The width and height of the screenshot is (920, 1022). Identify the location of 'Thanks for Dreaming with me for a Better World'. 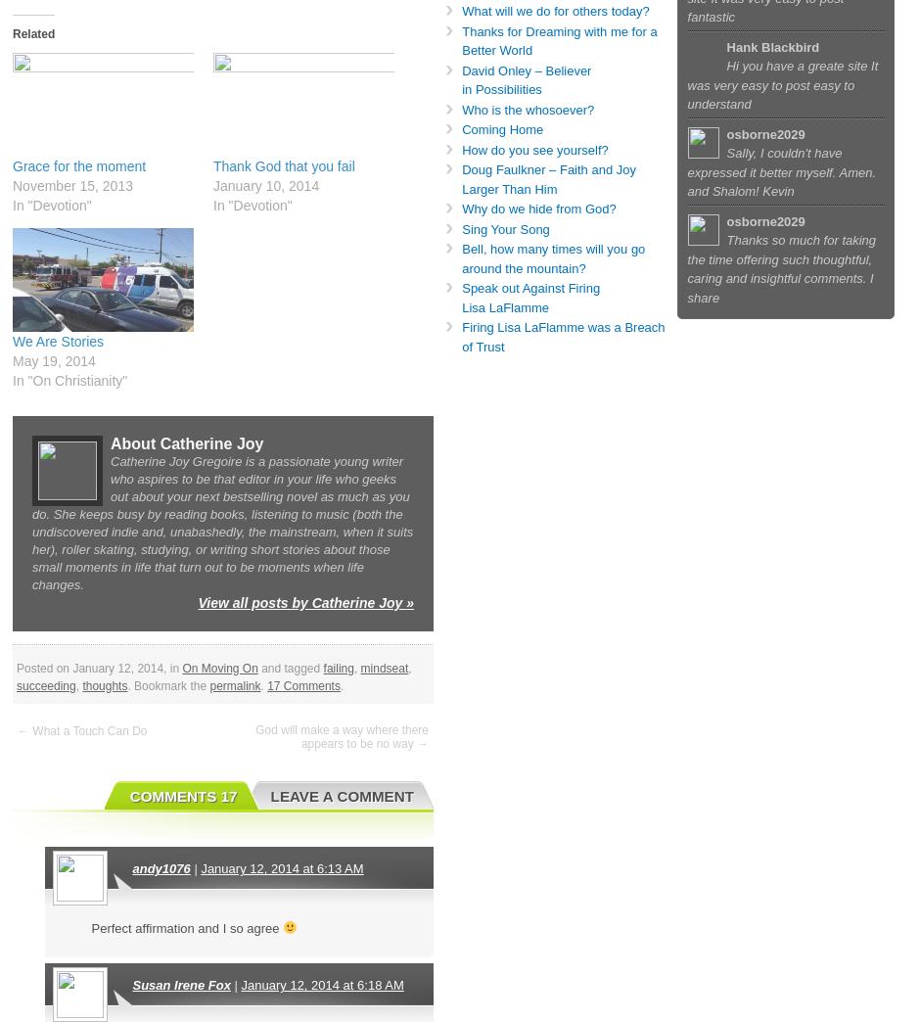
(461, 39).